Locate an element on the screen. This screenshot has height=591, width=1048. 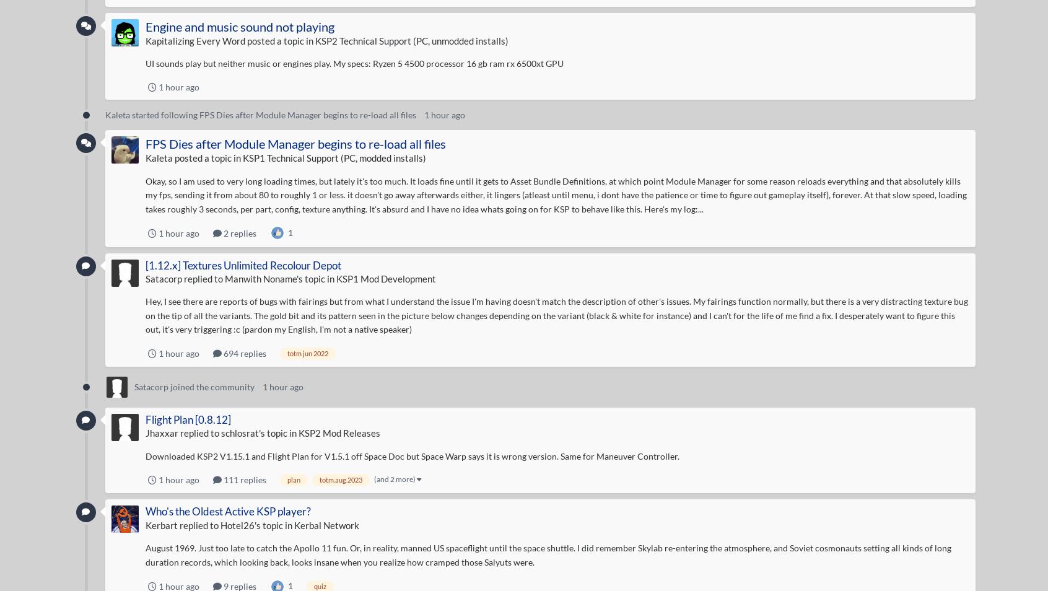
'[1.12.x] Textures Unlimited Recolour Depot' is located at coordinates (243, 265).